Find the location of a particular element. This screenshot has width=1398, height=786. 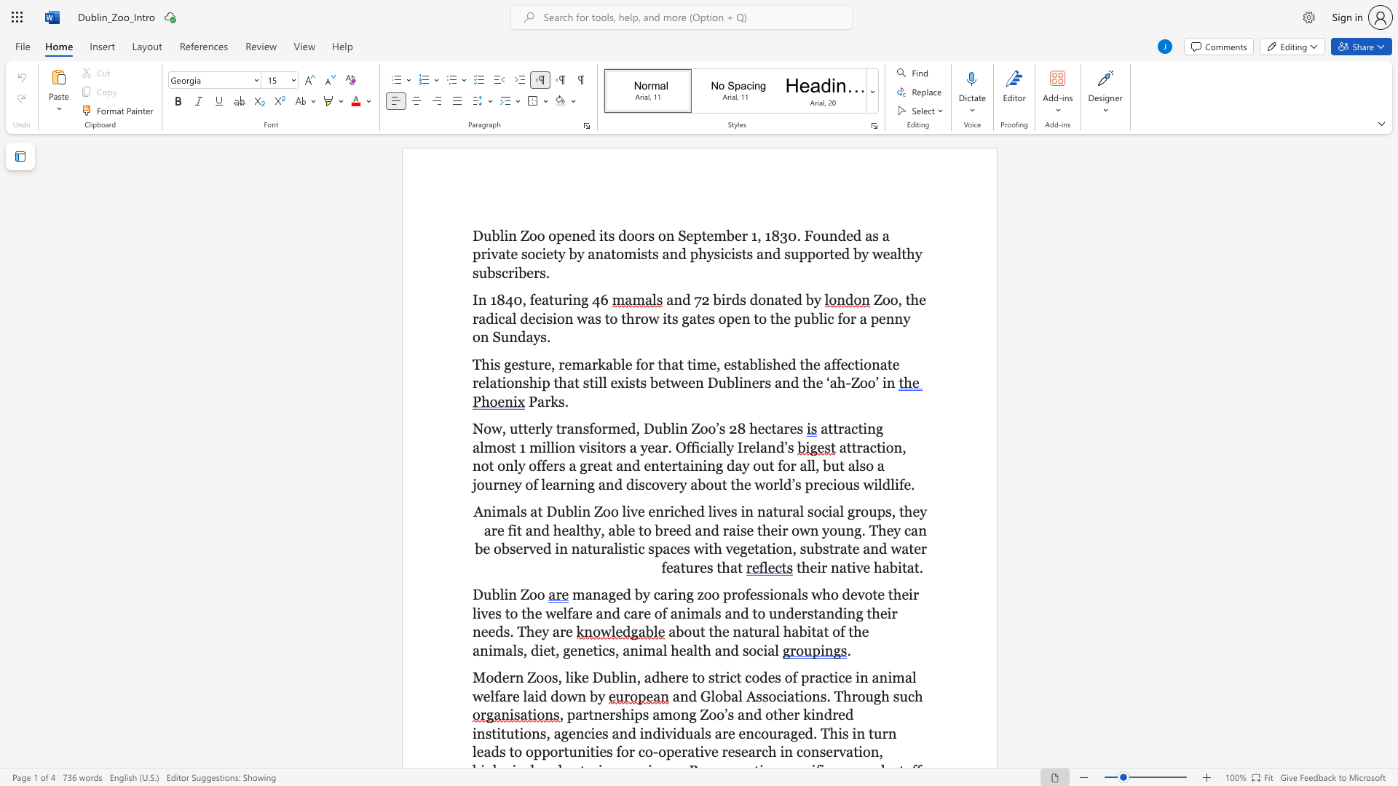

the subset text "ion" within the text "attraction, not only" is located at coordinates (880, 446).